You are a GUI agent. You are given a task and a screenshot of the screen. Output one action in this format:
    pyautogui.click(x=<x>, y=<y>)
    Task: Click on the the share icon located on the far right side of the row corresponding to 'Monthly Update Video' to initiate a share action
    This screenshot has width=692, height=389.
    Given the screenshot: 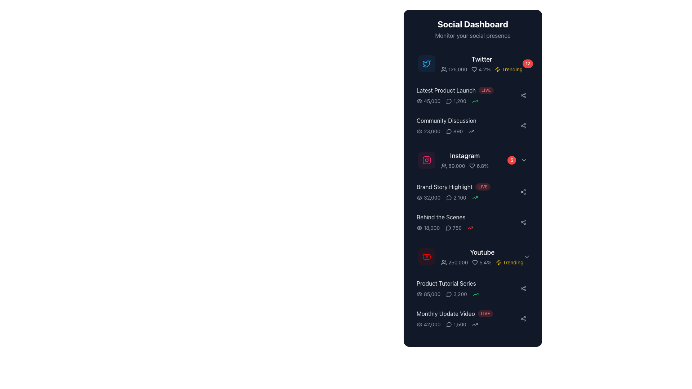 What is the action you would take?
    pyautogui.click(x=523, y=318)
    